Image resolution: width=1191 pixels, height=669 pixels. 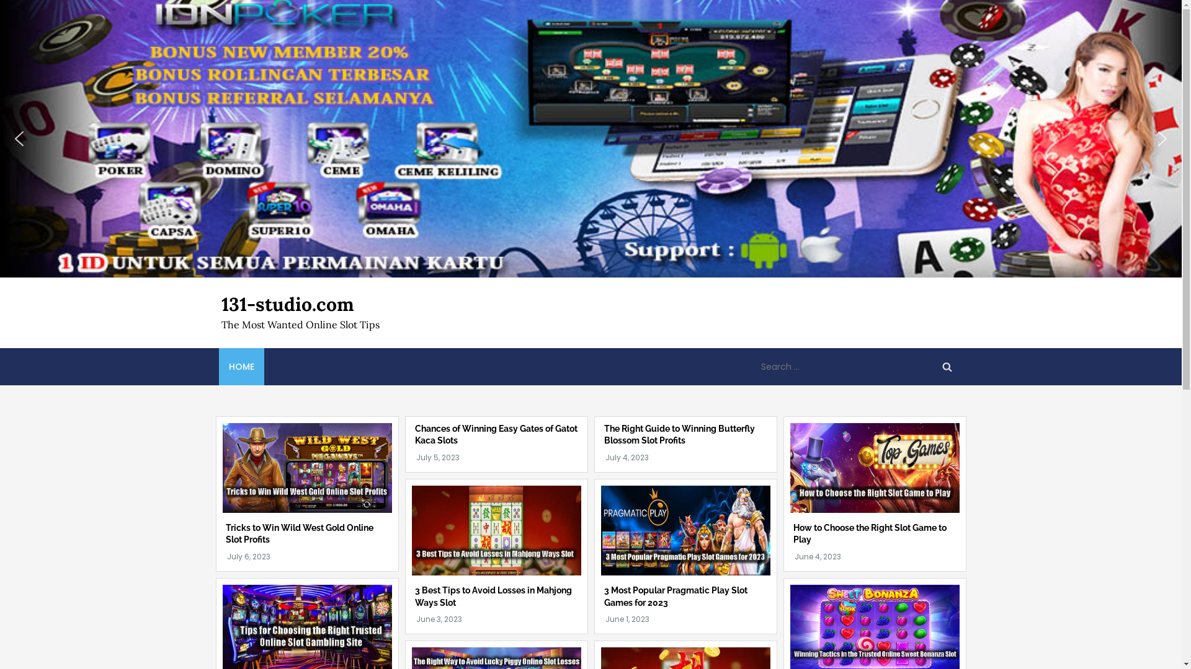 What do you see at coordinates (494, 434) in the screenshot?
I see `'Chances of Winning Easy Gates of Gatot Kaca Slots'` at bounding box center [494, 434].